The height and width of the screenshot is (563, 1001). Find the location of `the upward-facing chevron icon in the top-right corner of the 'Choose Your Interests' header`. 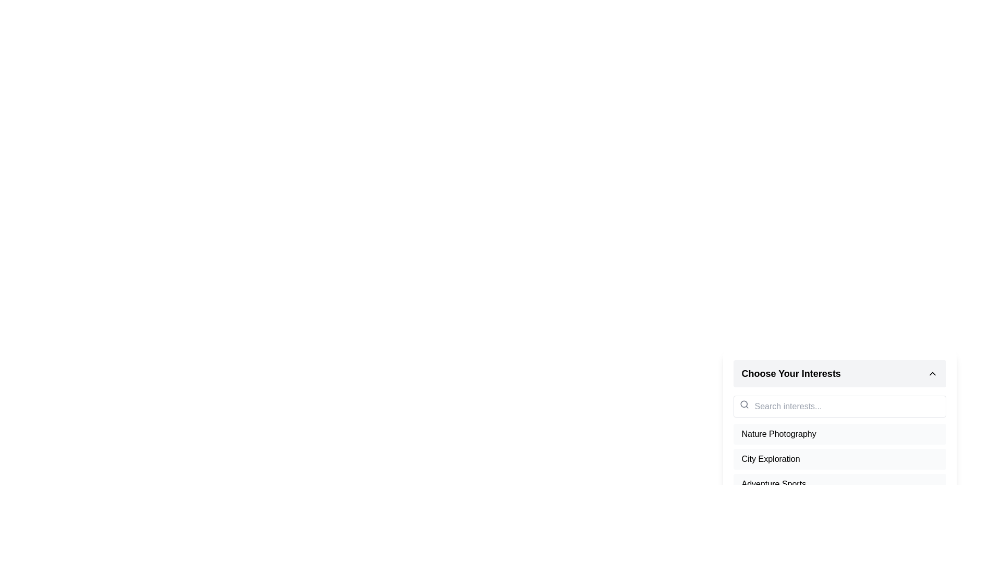

the upward-facing chevron icon in the top-right corner of the 'Choose Your Interests' header is located at coordinates (932, 373).